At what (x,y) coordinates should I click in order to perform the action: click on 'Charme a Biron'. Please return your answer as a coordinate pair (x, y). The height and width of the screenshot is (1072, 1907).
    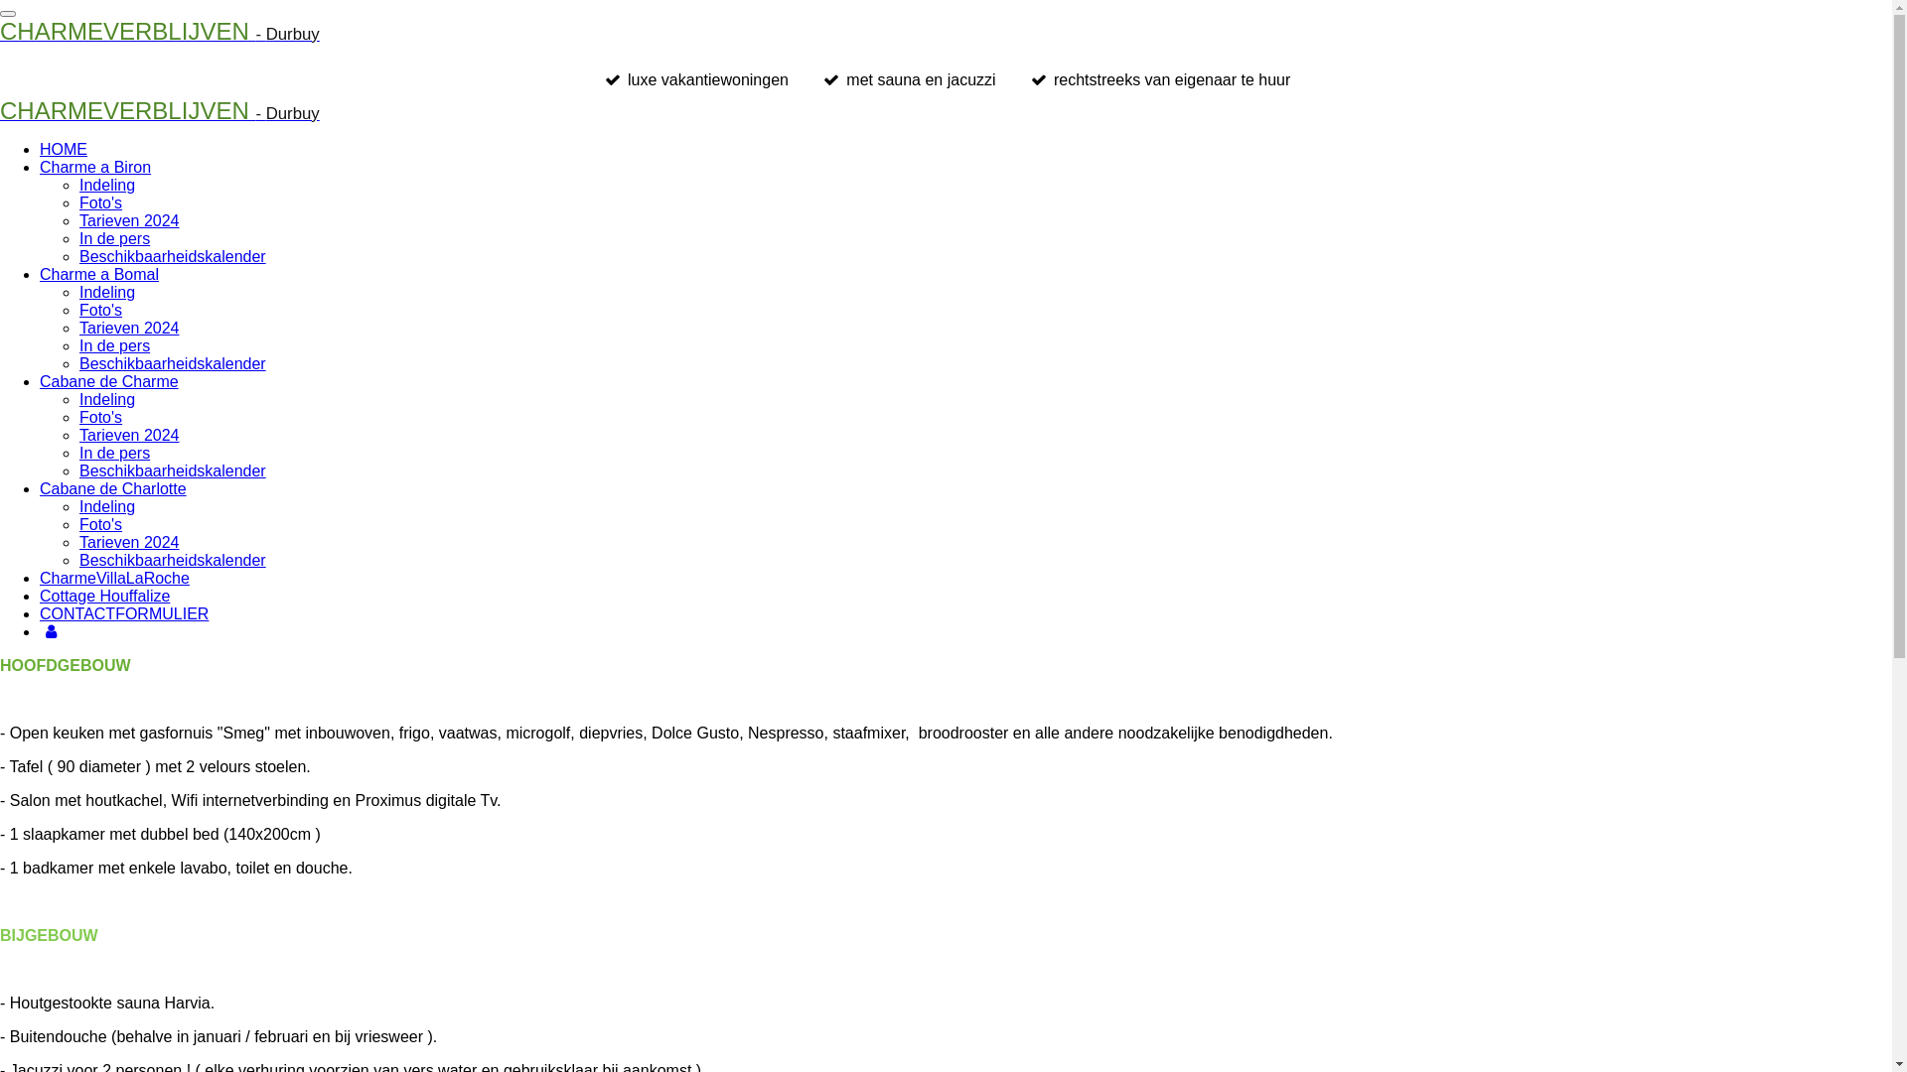
    Looking at the image, I should click on (94, 166).